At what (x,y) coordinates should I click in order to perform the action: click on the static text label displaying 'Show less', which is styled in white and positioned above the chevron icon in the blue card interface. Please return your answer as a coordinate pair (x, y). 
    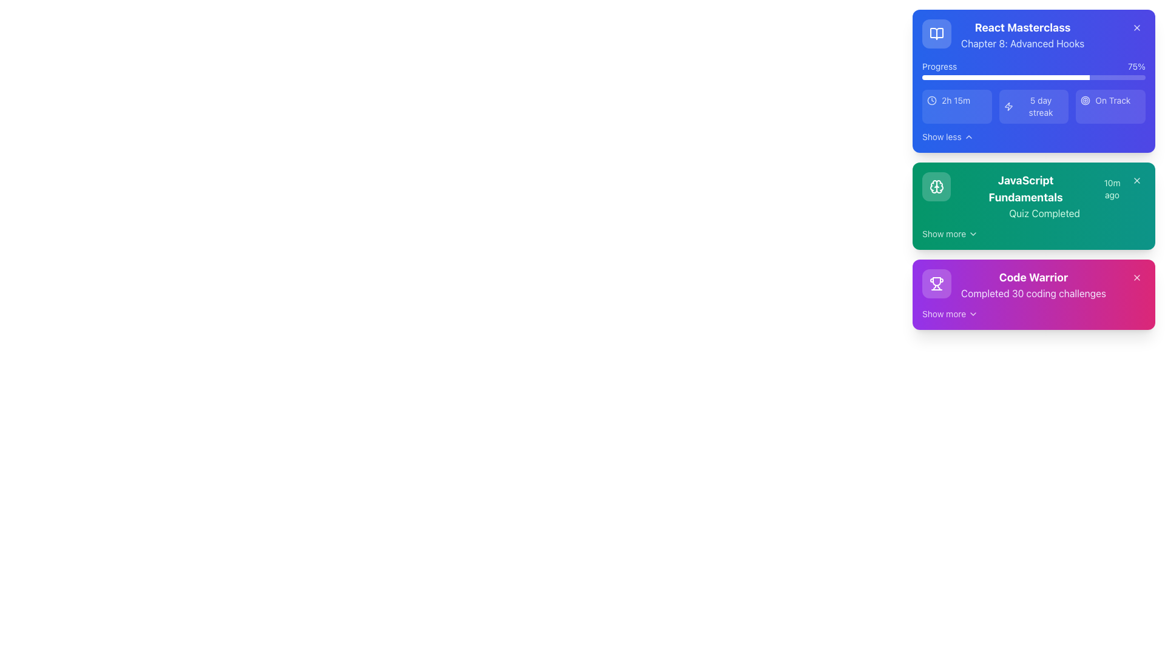
    Looking at the image, I should click on (941, 136).